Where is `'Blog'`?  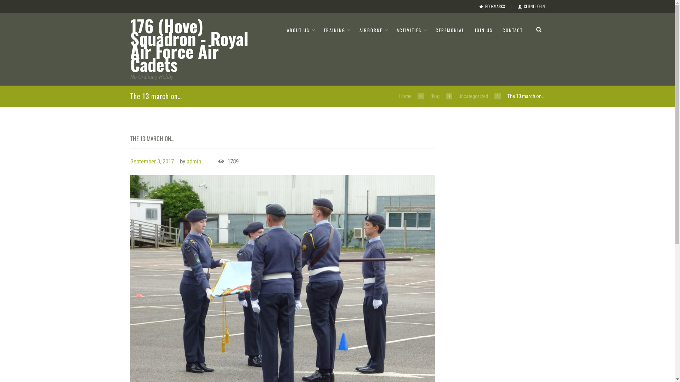
'Blog' is located at coordinates (430, 96).